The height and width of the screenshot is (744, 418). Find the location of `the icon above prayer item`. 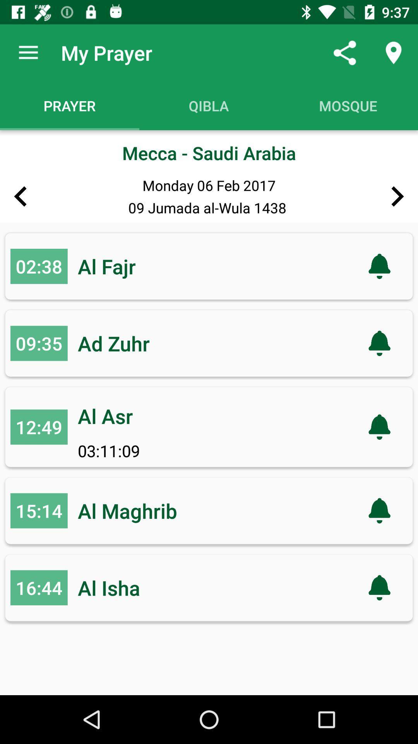

the icon above prayer item is located at coordinates (28, 52).